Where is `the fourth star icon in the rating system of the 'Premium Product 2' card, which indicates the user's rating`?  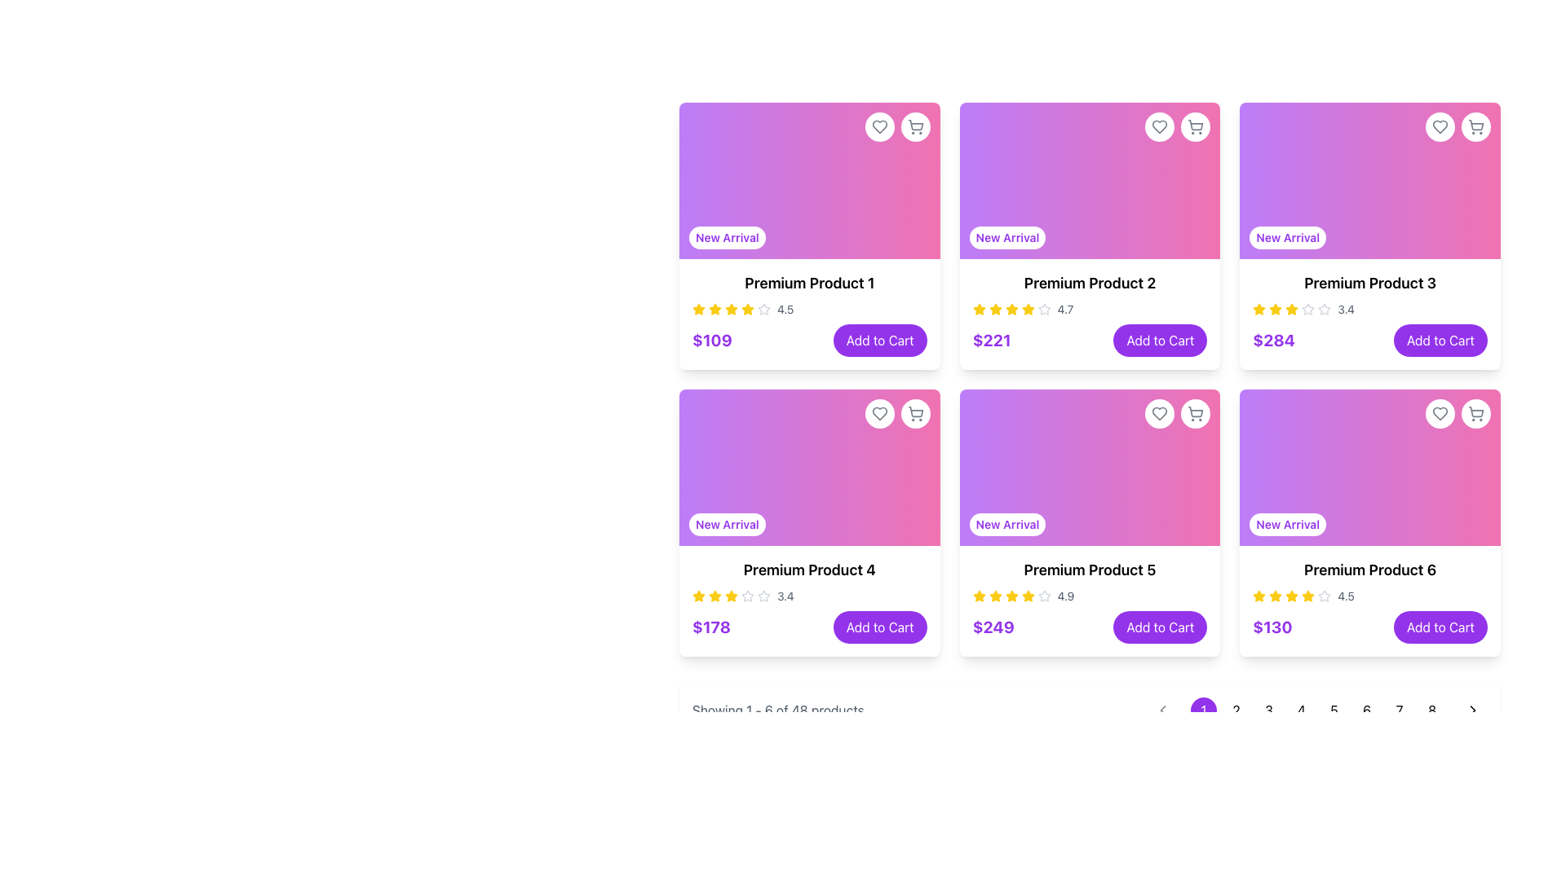 the fourth star icon in the rating system of the 'Premium Product 2' card, which indicates the user's rating is located at coordinates (1011, 310).